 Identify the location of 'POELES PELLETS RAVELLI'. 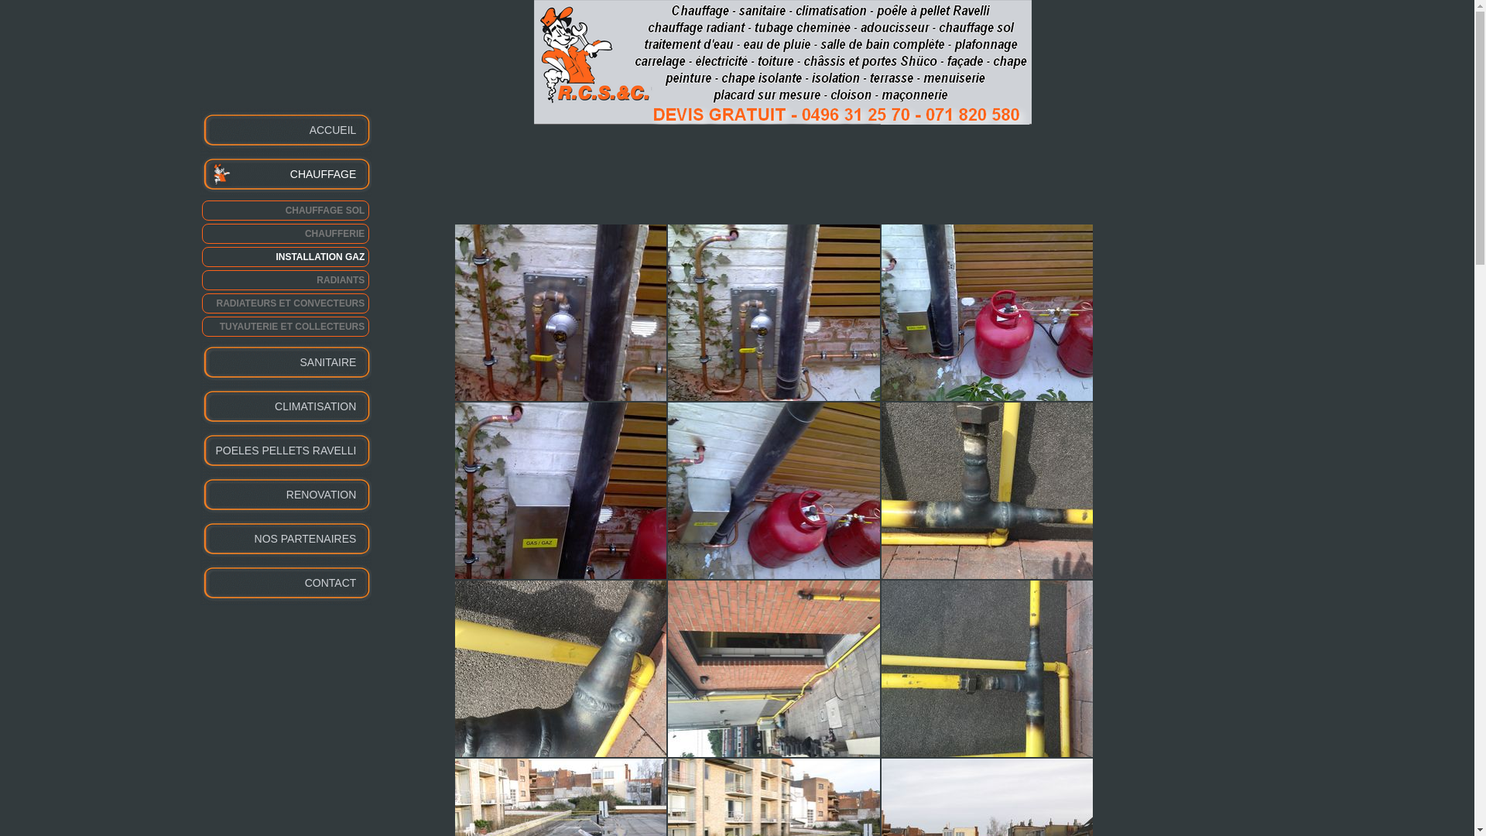
(286, 451).